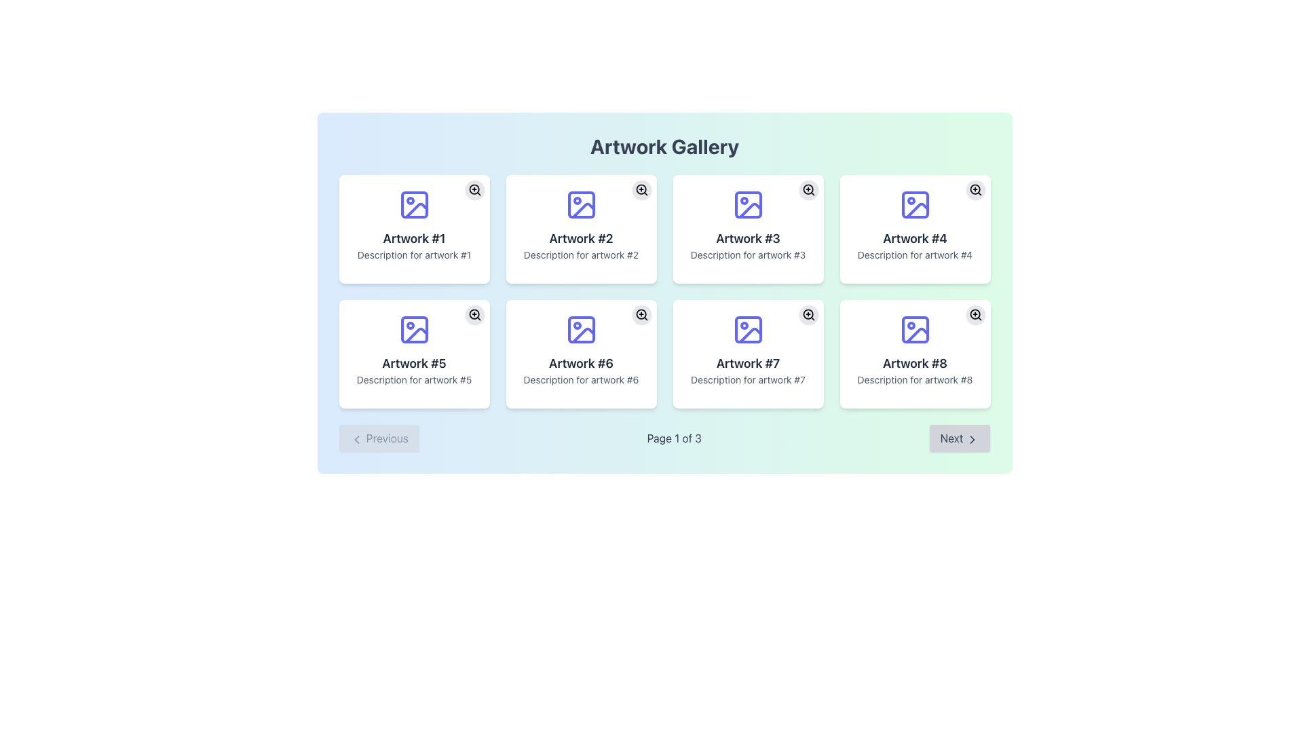 The height and width of the screenshot is (733, 1303). I want to click on static text label 'Artwork #7', which is styled in bold and larger size, located in the second row of artwork cards, specifically in the third card from the left, above the description text, so click(747, 363).